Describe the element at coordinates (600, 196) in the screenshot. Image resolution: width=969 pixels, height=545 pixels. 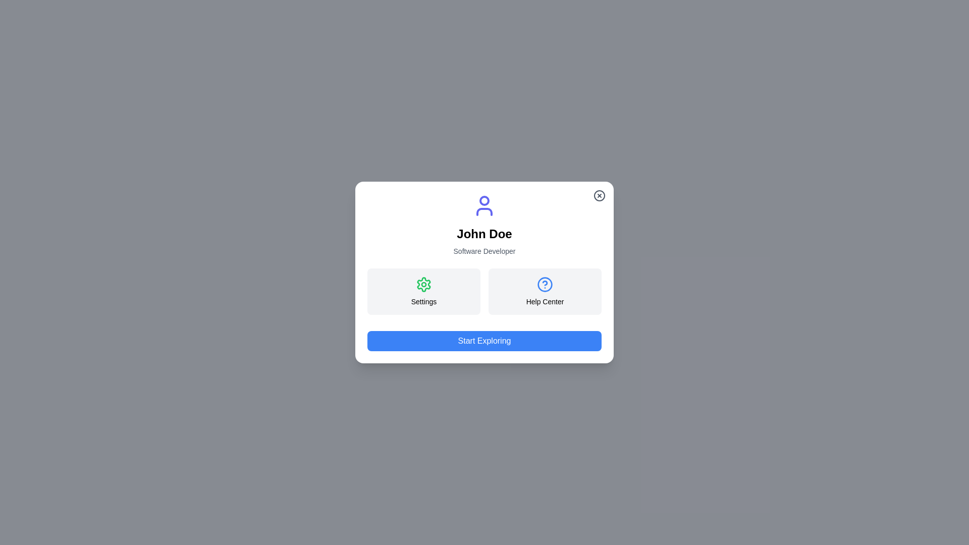
I see `the decorative SVG circle located at the top-right corner of the card interface, which represents the close functionality` at that location.